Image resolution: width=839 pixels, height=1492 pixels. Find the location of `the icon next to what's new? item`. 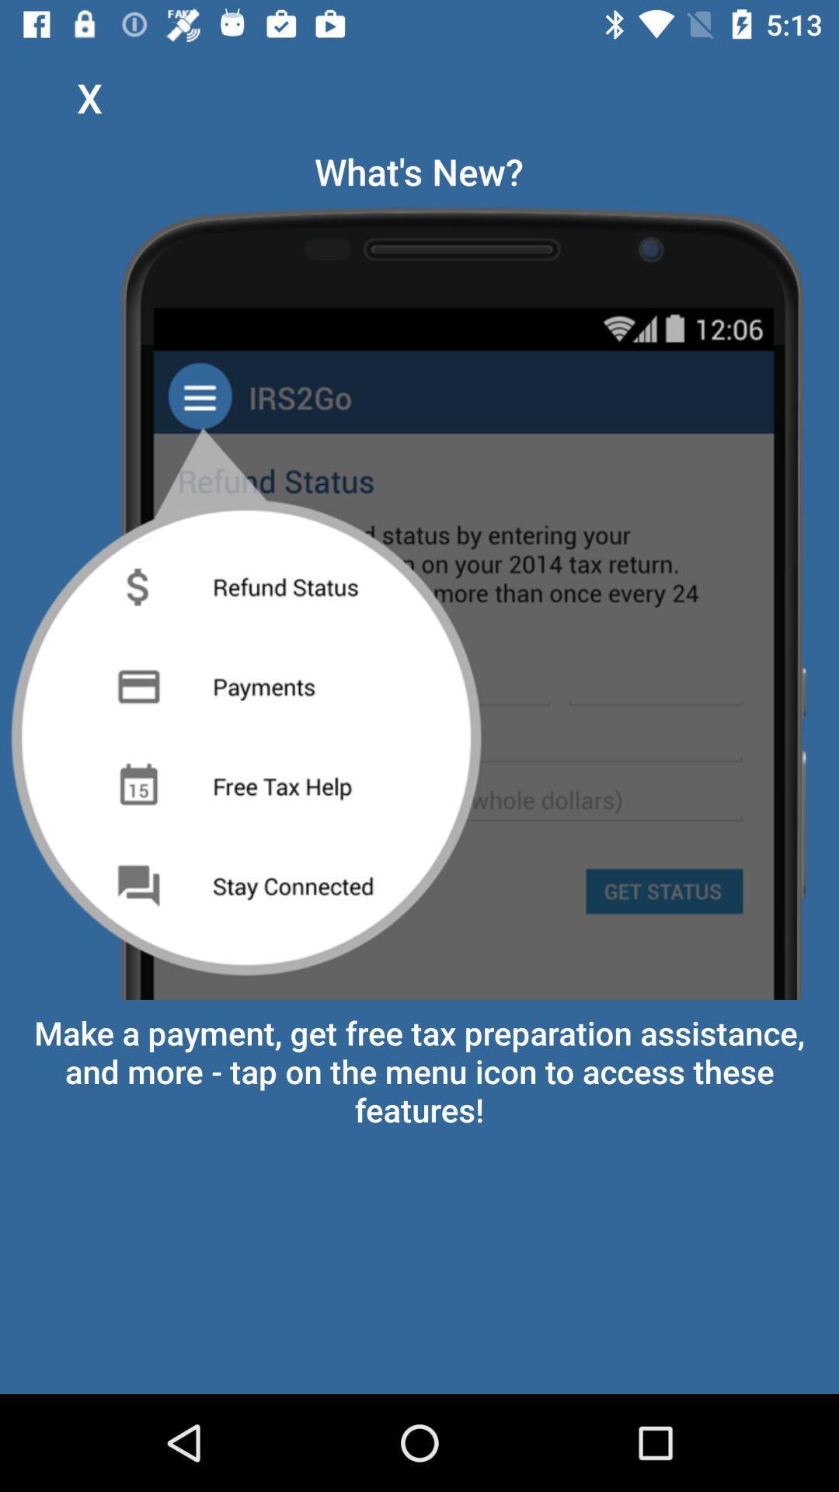

the icon next to what's new? item is located at coordinates (89, 96).